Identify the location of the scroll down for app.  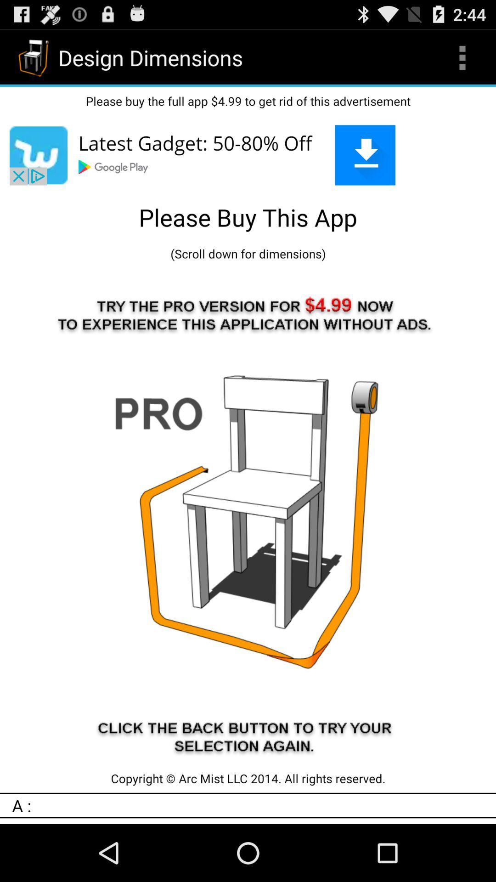
(248, 254).